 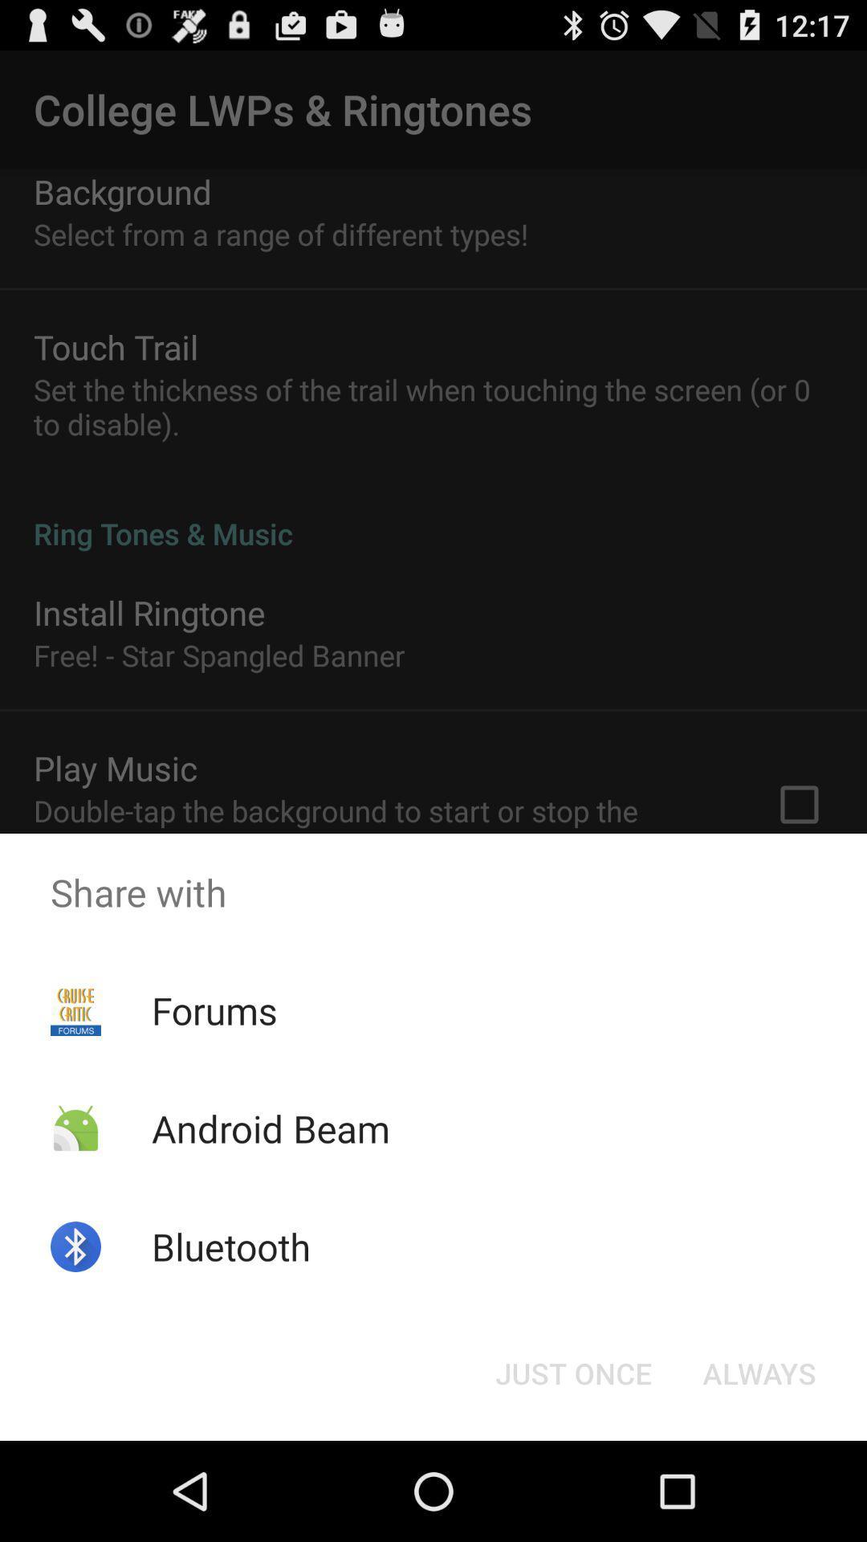 What do you see at coordinates (759, 1372) in the screenshot?
I see `the button at the bottom right corner` at bounding box center [759, 1372].